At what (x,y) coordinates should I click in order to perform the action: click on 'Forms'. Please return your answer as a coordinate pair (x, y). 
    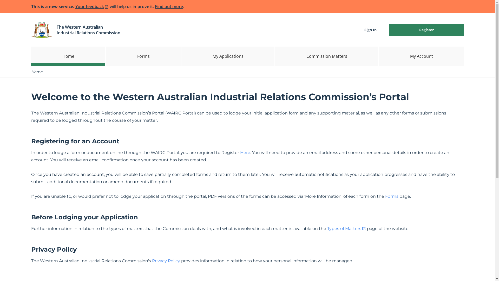
    Looking at the image, I should click on (143, 56).